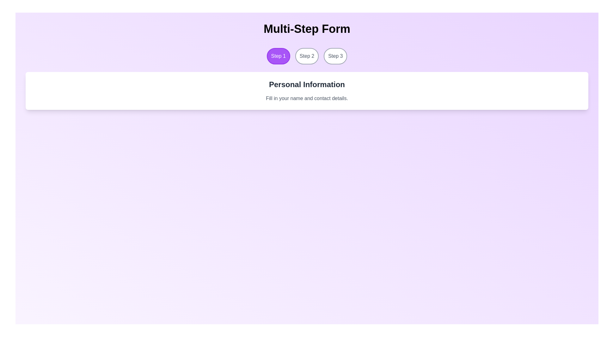 Image resolution: width=607 pixels, height=341 pixels. I want to click on the circular button labeled 'Step 3' which has a white background and gray border, so click(335, 56).